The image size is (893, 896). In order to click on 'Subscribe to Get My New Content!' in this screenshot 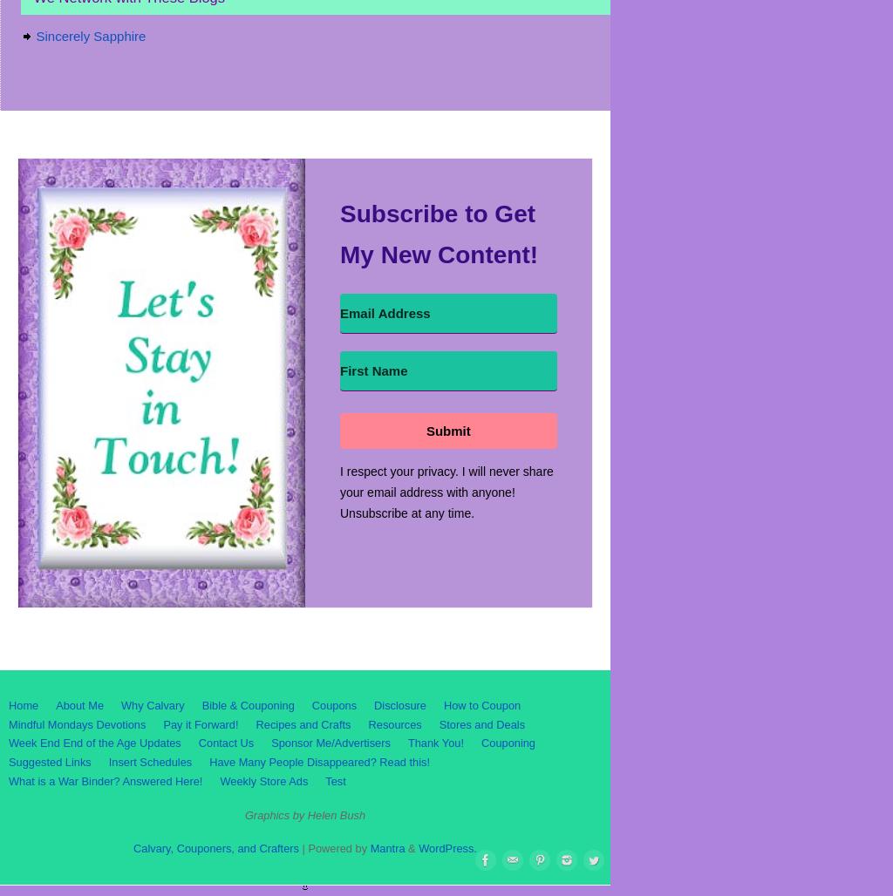, I will do `click(438, 234)`.